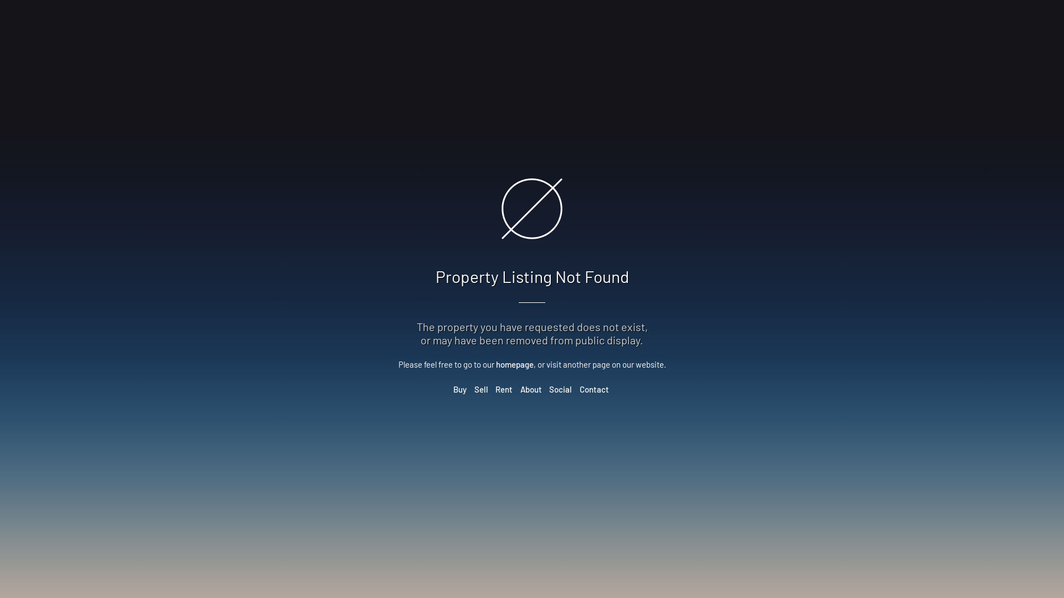 This screenshot has height=598, width=1064. I want to click on 'About', so click(530, 388).